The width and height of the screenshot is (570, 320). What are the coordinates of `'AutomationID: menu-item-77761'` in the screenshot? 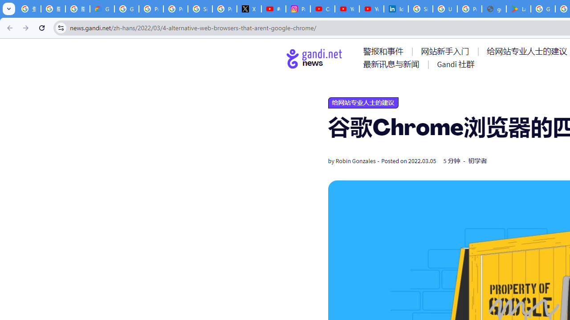 It's located at (385, 51).